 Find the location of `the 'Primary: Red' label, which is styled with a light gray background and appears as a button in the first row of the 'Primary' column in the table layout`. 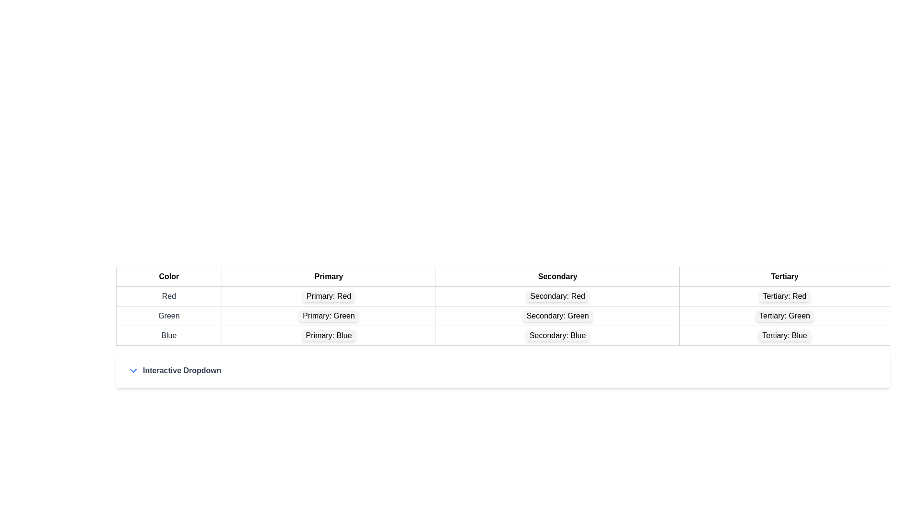

the 'Primary: Red' label, which is styled with a light gray background and appears as a button in the first row of the 'Primary' column in the table layout is located at coordinates (329, 295).